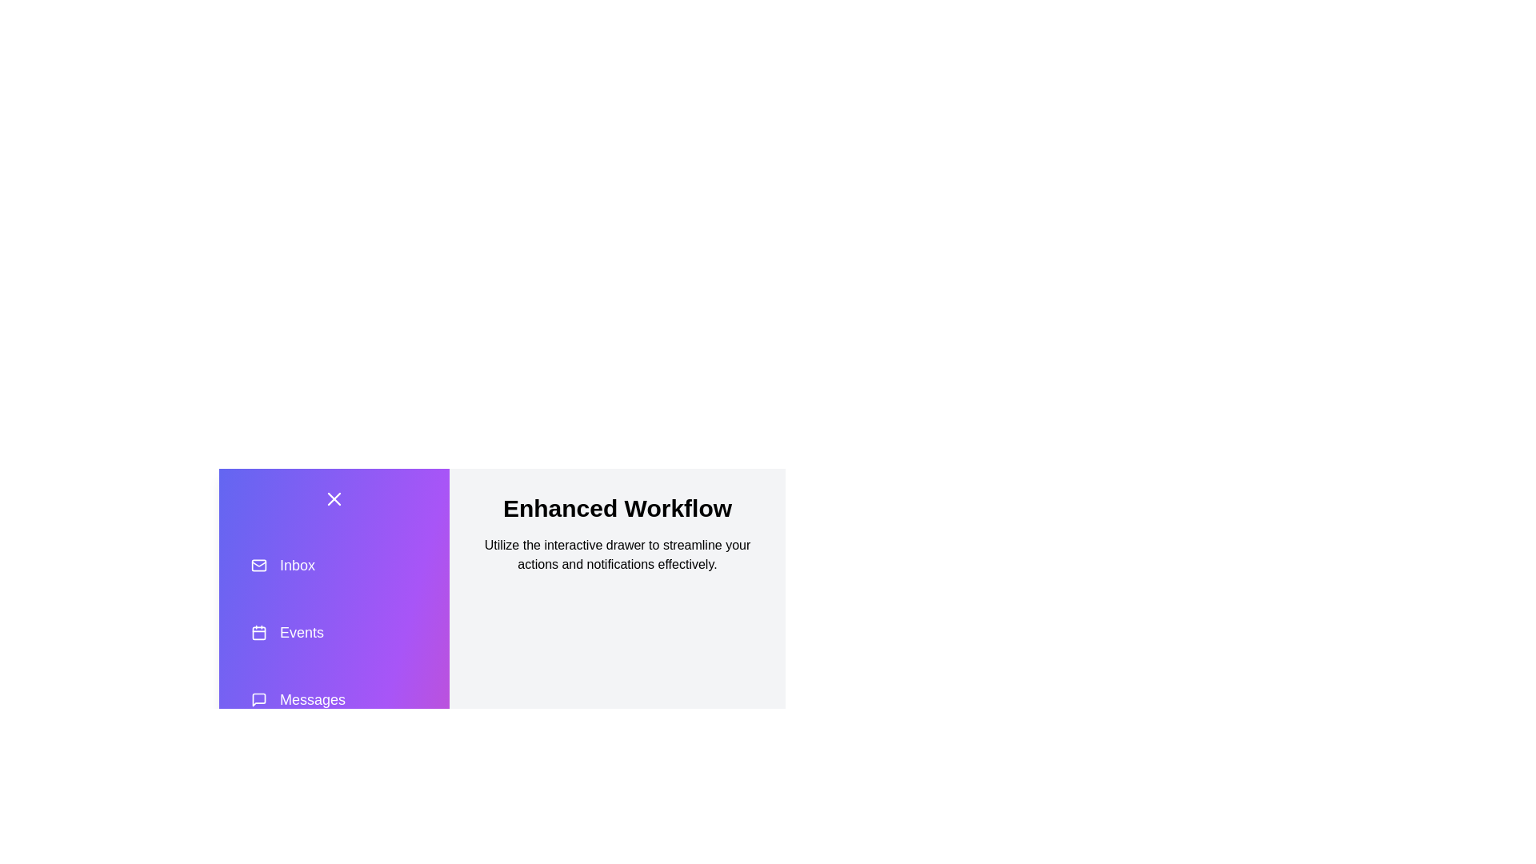 The image size is (1536, 864). What do you see at coordinates (333, 699) in the screenshot?
I see `the action item Messages in the drawer` at bounding box center [333, 699].